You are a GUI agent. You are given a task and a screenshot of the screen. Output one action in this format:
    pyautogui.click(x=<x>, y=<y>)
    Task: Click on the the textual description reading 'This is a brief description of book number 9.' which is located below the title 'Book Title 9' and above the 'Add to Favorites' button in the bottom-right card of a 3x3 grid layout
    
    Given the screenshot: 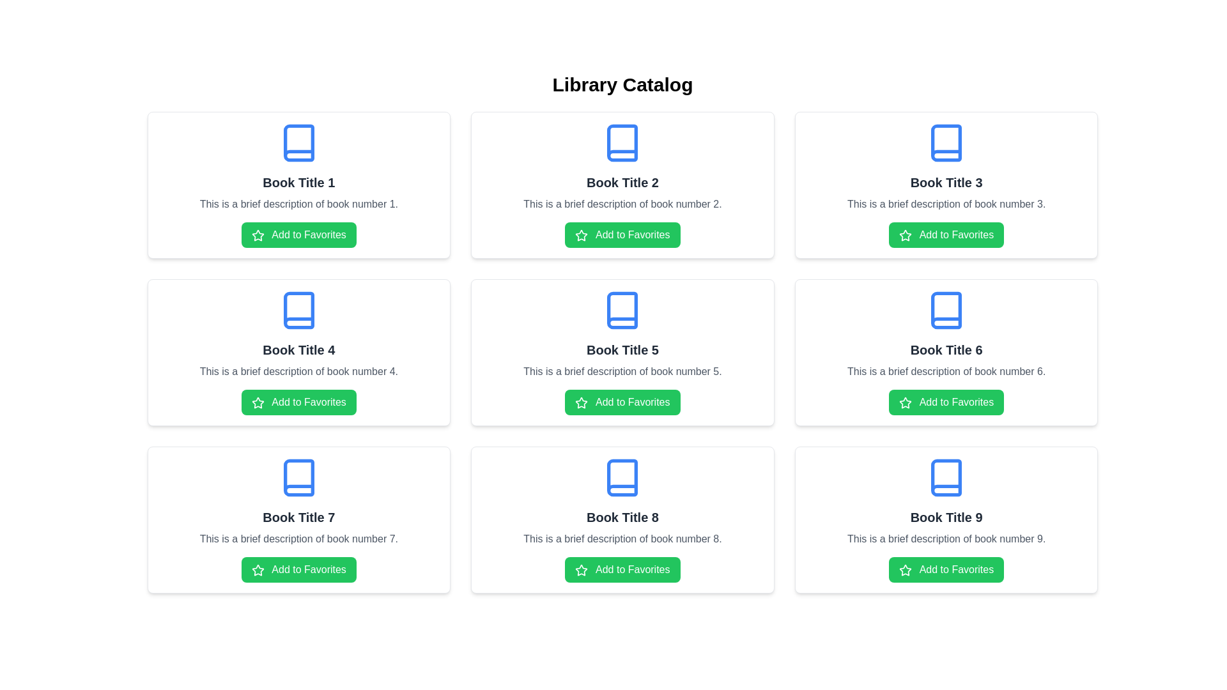 What is the action you would take?
    pyautogui.click(x=946, y=539)
    